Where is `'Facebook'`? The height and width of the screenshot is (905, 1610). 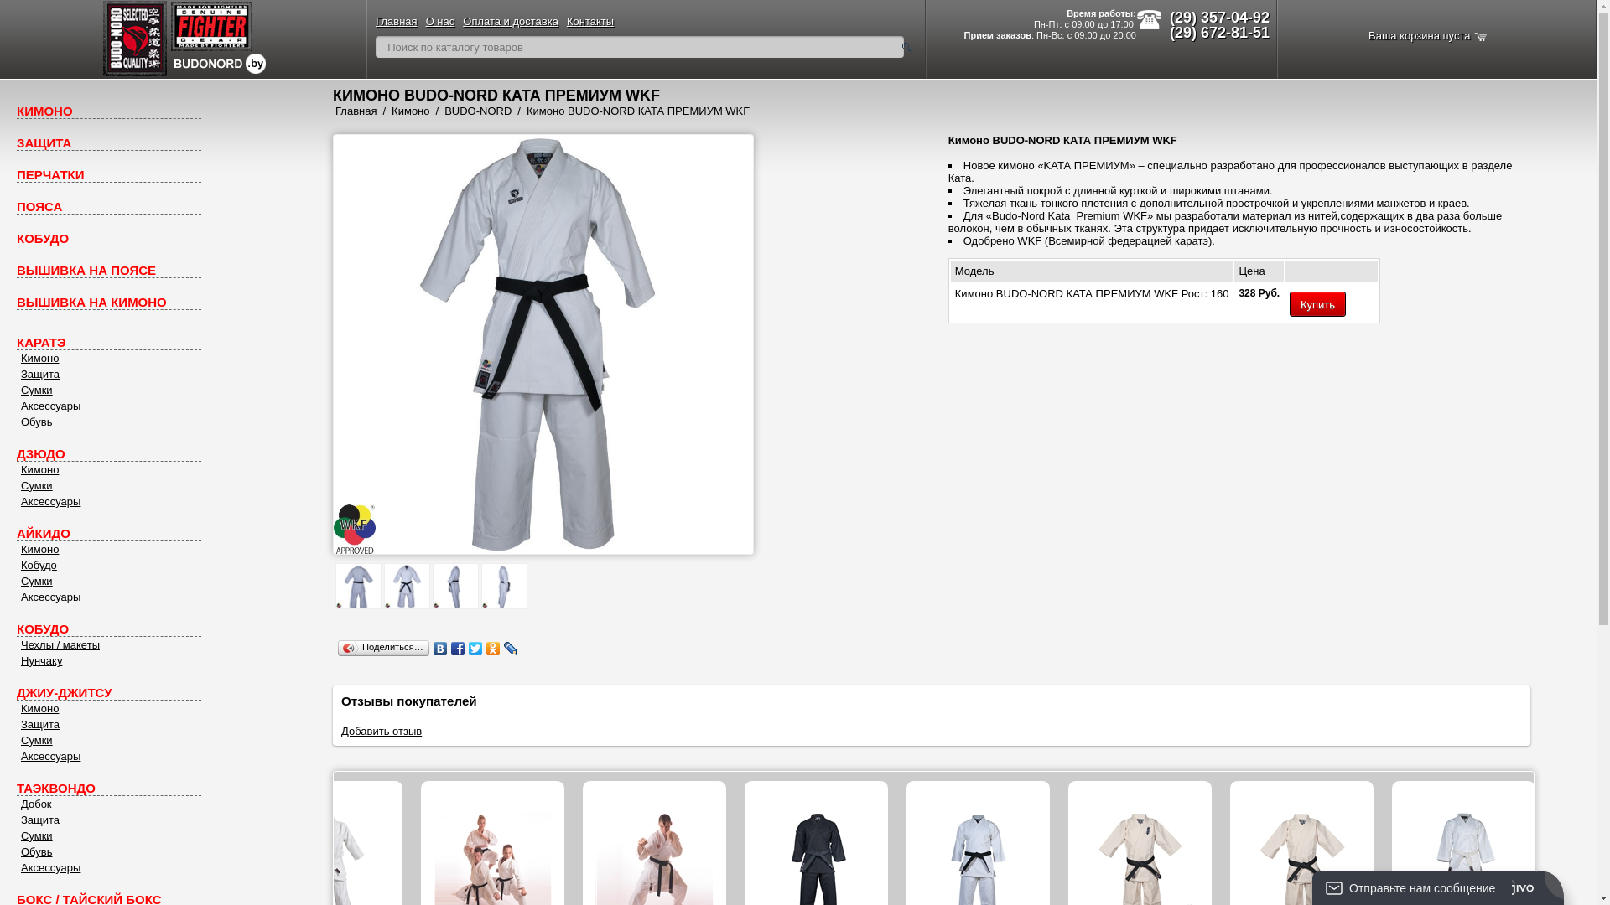
'Facebook' is located at coordinates (458, 648).